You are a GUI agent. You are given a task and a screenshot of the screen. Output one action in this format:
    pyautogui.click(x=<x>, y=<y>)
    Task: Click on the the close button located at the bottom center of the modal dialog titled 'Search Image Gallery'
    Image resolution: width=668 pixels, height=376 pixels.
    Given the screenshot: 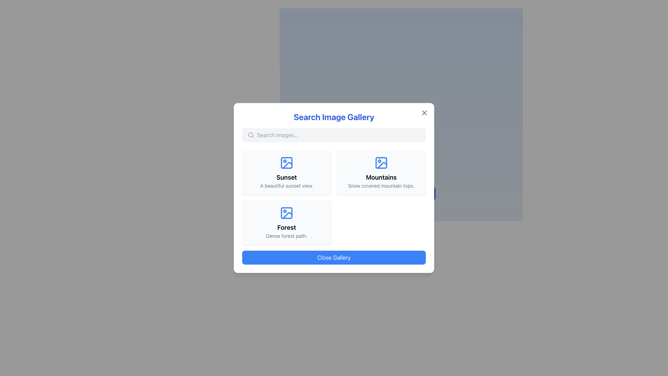 What is the action you would take?
    pyautogui.click(x=334, y=258)
    